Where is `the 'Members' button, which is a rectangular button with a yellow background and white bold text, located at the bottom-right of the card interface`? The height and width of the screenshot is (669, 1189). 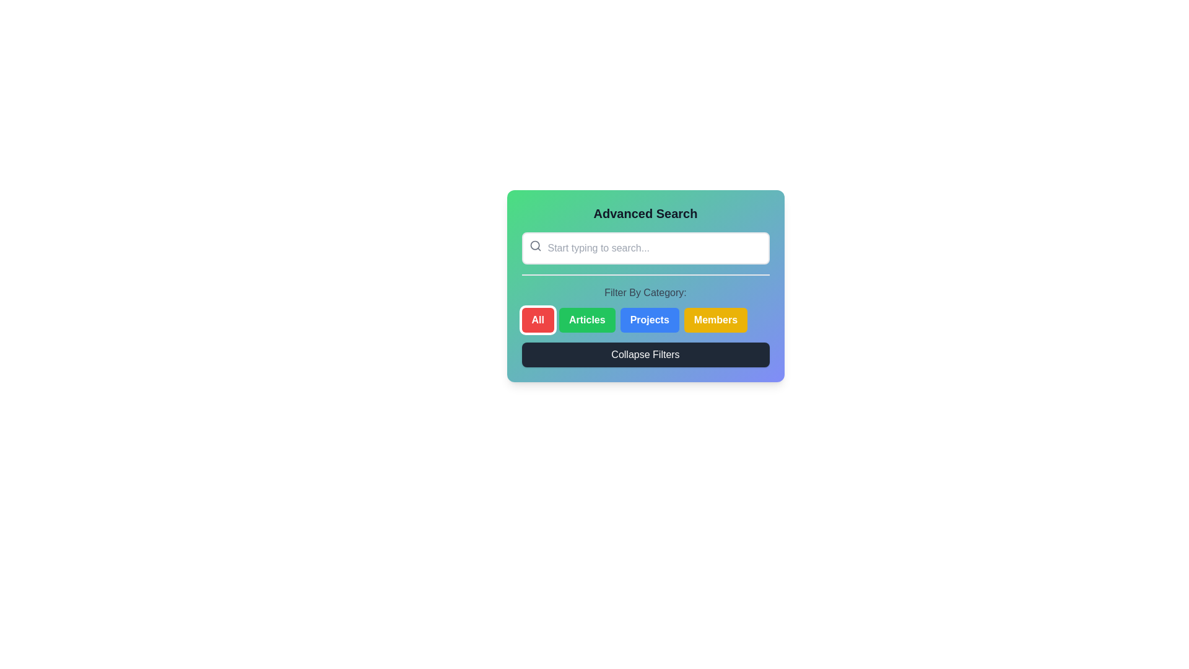
the 'Members' button, which is a rectangular button with a yellow background and white bold text, located at the bottom-right of the card interface is located at coordinates (715, 319).